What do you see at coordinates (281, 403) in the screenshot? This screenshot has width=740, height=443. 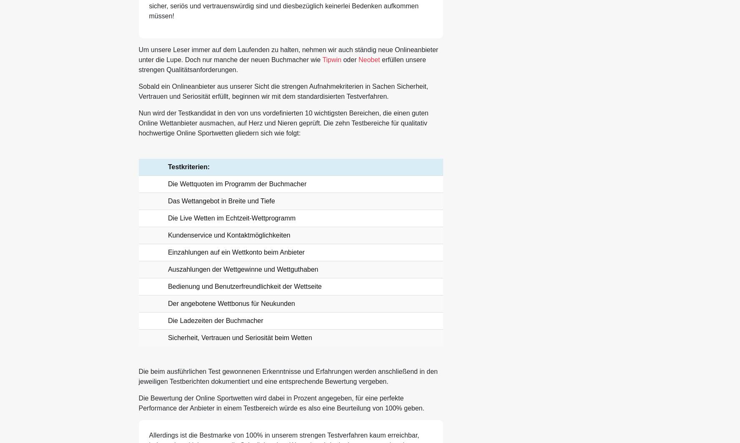 I see `'Die Bewertung der Online Sportwetten wird dabei in Prozent angegeben, für eine perfekte Performance der Anbieter in einem Testbereich würde es also eine Beurteilung von 100% geben.'` at bounding box center [281, 403].